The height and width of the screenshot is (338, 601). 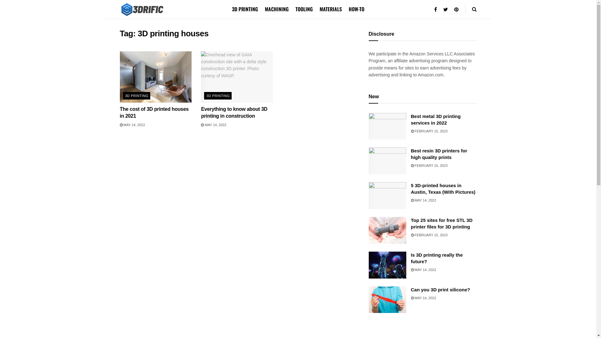 I want to click on 'MACHINING', so click(x=276, y=9).